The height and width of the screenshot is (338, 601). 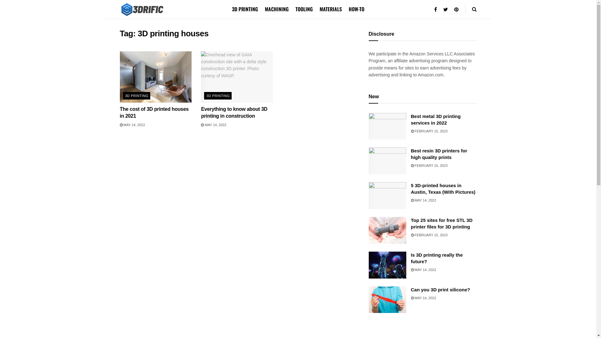 I want to click on 'MACHINING', so click(x=276, y=9).